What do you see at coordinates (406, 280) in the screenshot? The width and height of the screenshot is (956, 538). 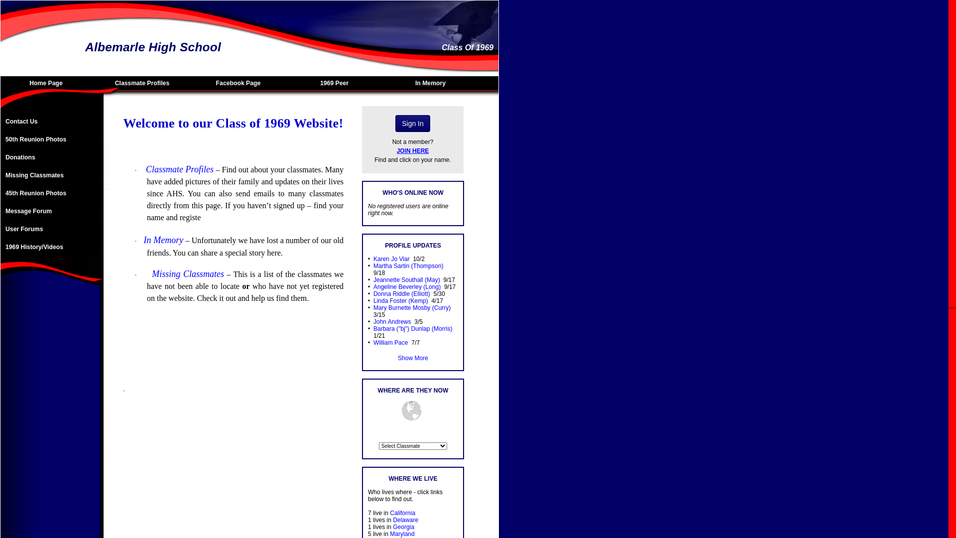 I see `'Jeannette Southall (May)'` at bounding box center [406, 280].